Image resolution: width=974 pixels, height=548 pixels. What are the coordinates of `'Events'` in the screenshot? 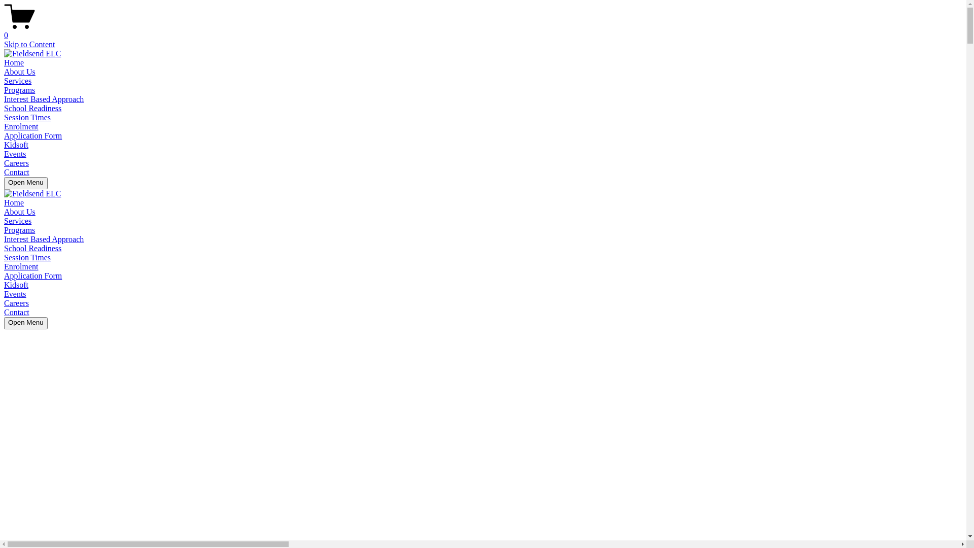 It's located at (15, 294).